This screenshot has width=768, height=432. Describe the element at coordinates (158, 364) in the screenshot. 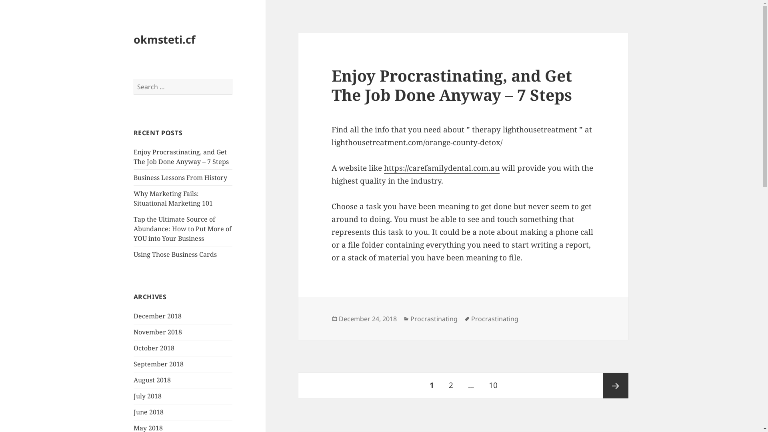

I see `'September 2018'` at that location.